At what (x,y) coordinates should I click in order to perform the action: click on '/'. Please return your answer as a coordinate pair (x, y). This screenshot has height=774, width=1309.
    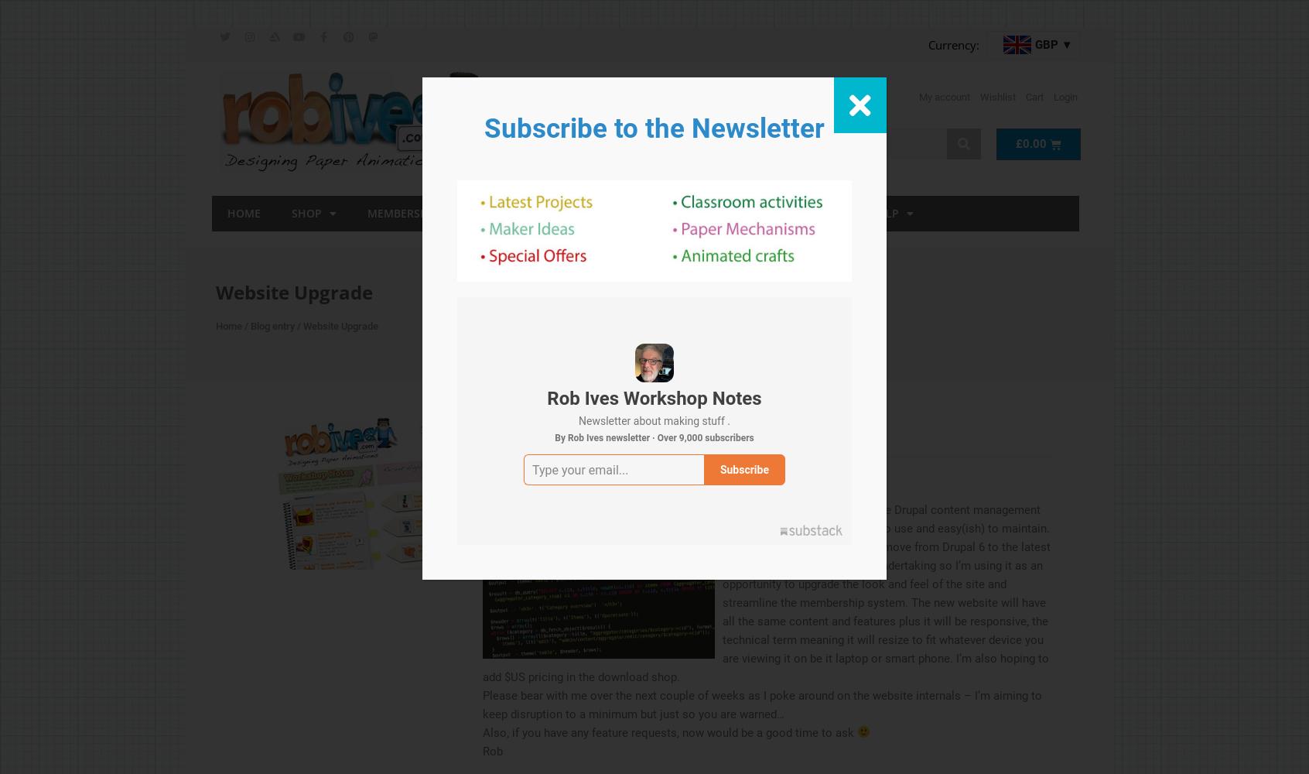
    Looking at the image, I should click on (244, 325).